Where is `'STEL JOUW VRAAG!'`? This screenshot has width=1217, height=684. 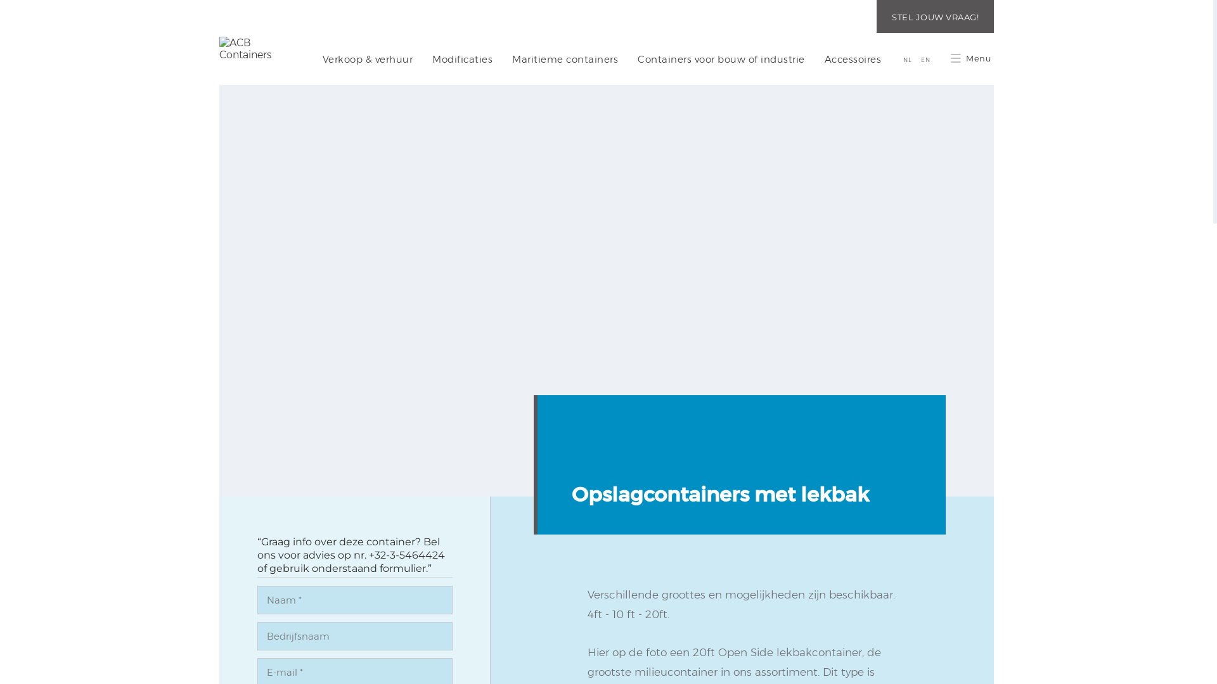
'STEL JOUW VRAAG!' is located at coordinates (875, 16).